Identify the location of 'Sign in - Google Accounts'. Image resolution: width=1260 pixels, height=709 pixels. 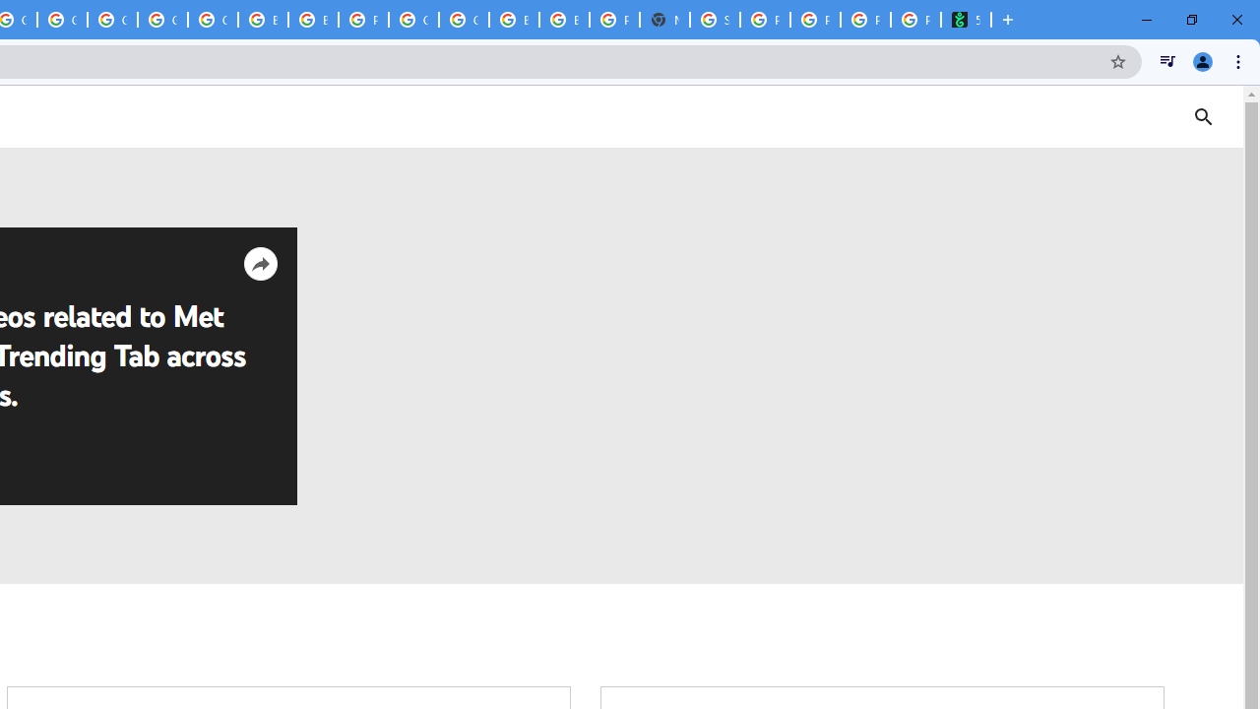
(715, 20).